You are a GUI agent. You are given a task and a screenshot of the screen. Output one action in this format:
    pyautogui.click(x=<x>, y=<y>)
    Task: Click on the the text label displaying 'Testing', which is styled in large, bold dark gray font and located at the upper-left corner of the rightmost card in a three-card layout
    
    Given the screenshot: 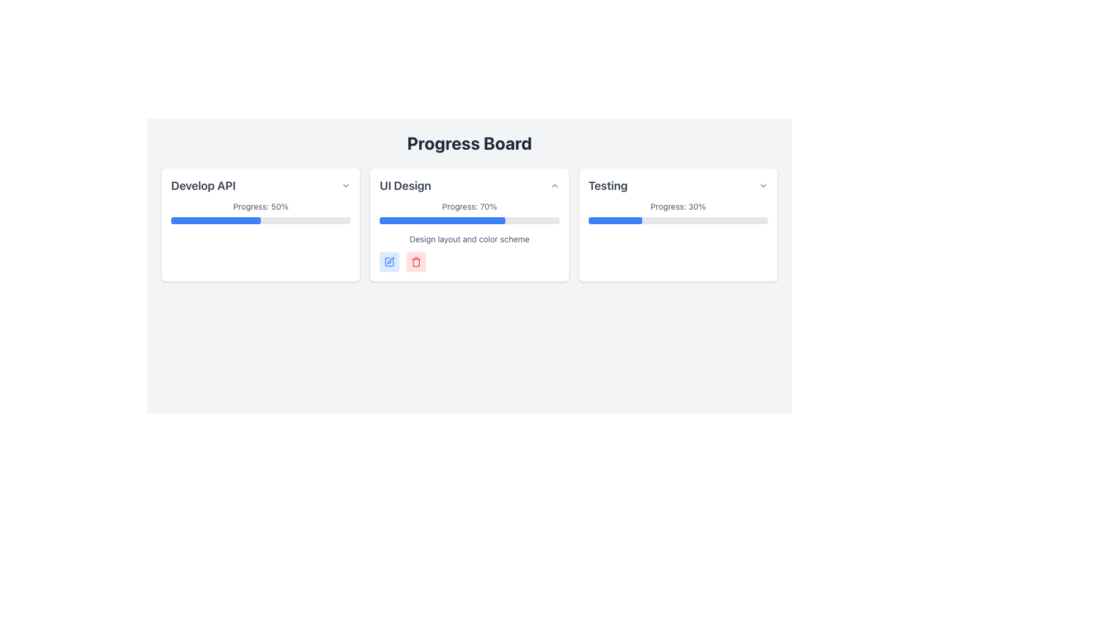 What is the action you would take?
    pyautogui.click(x=607, y=185)
    